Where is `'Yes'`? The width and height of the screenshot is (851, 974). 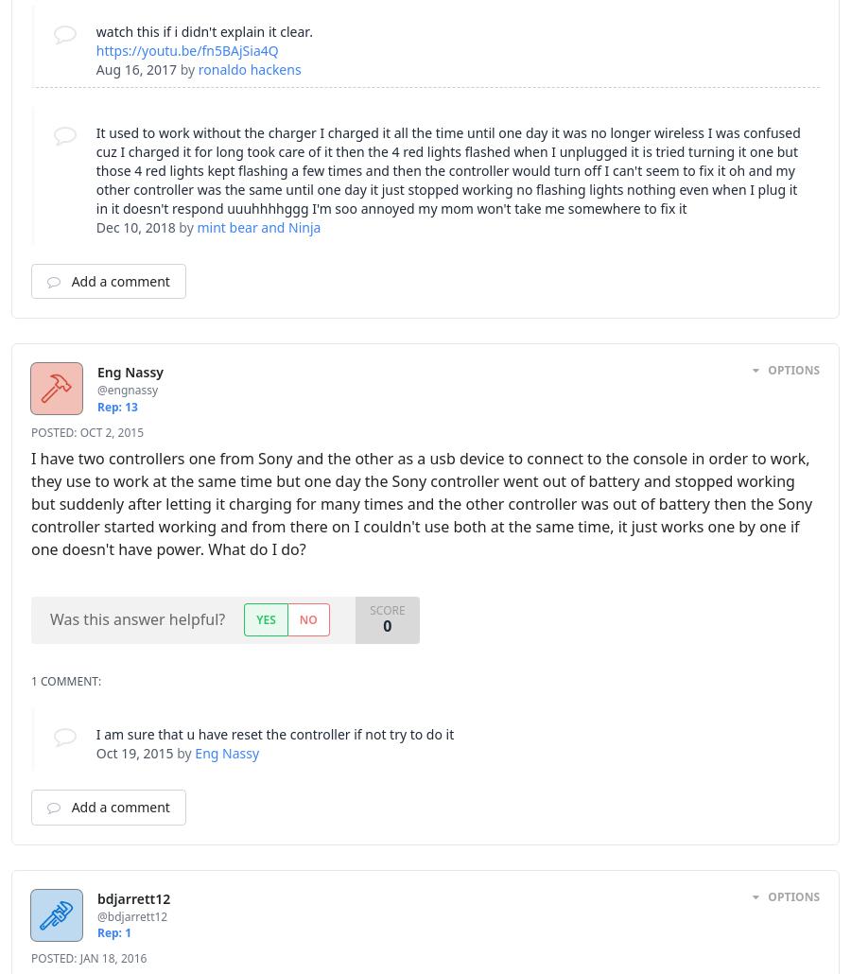
'Yes' is located at coordinates (264, 617).